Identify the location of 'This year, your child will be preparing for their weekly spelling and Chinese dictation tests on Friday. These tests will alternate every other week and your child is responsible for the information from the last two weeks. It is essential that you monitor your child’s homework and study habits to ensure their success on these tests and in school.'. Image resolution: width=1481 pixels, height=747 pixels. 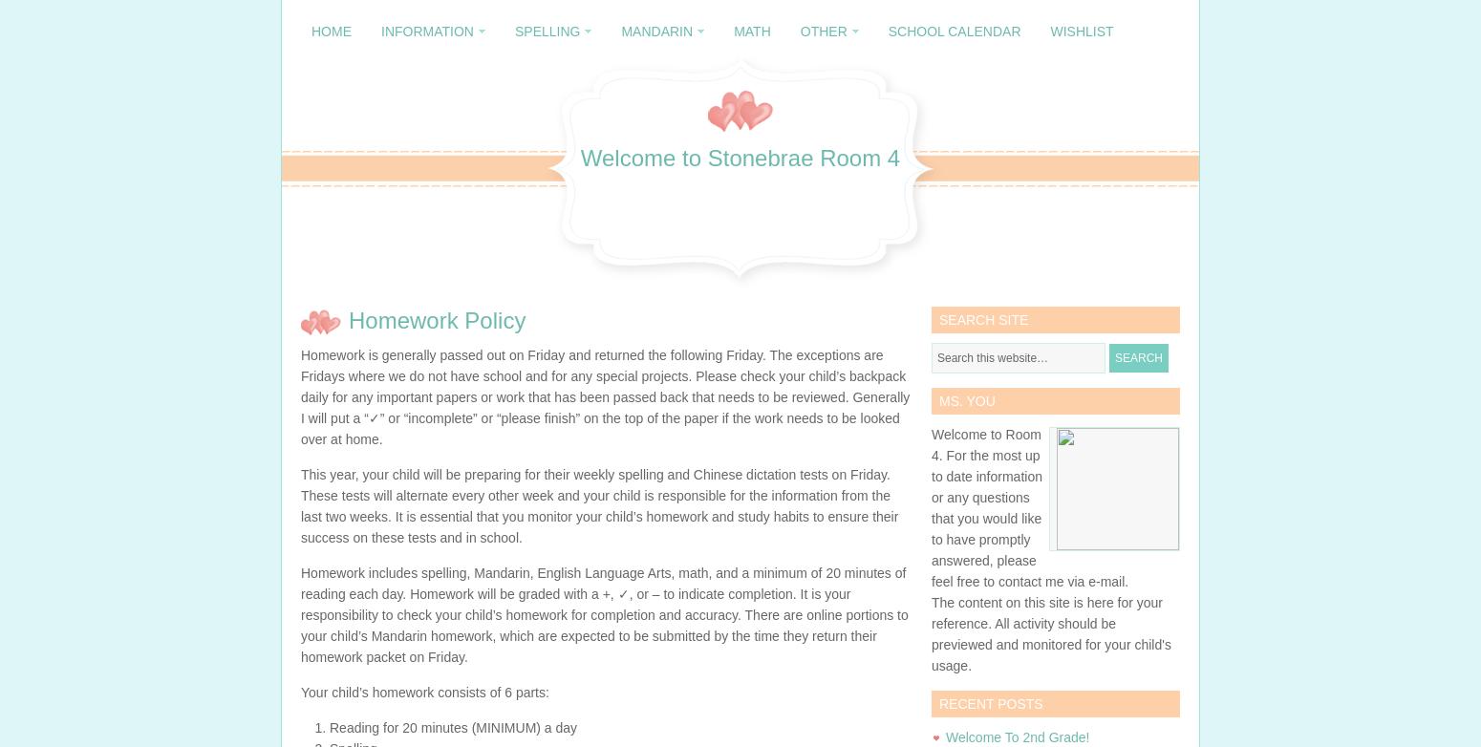
(598, 505).